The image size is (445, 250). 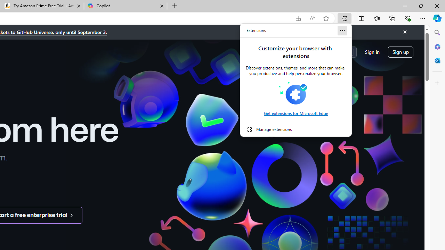 I want to click on 'Extensions', so click(x=256, y=30).